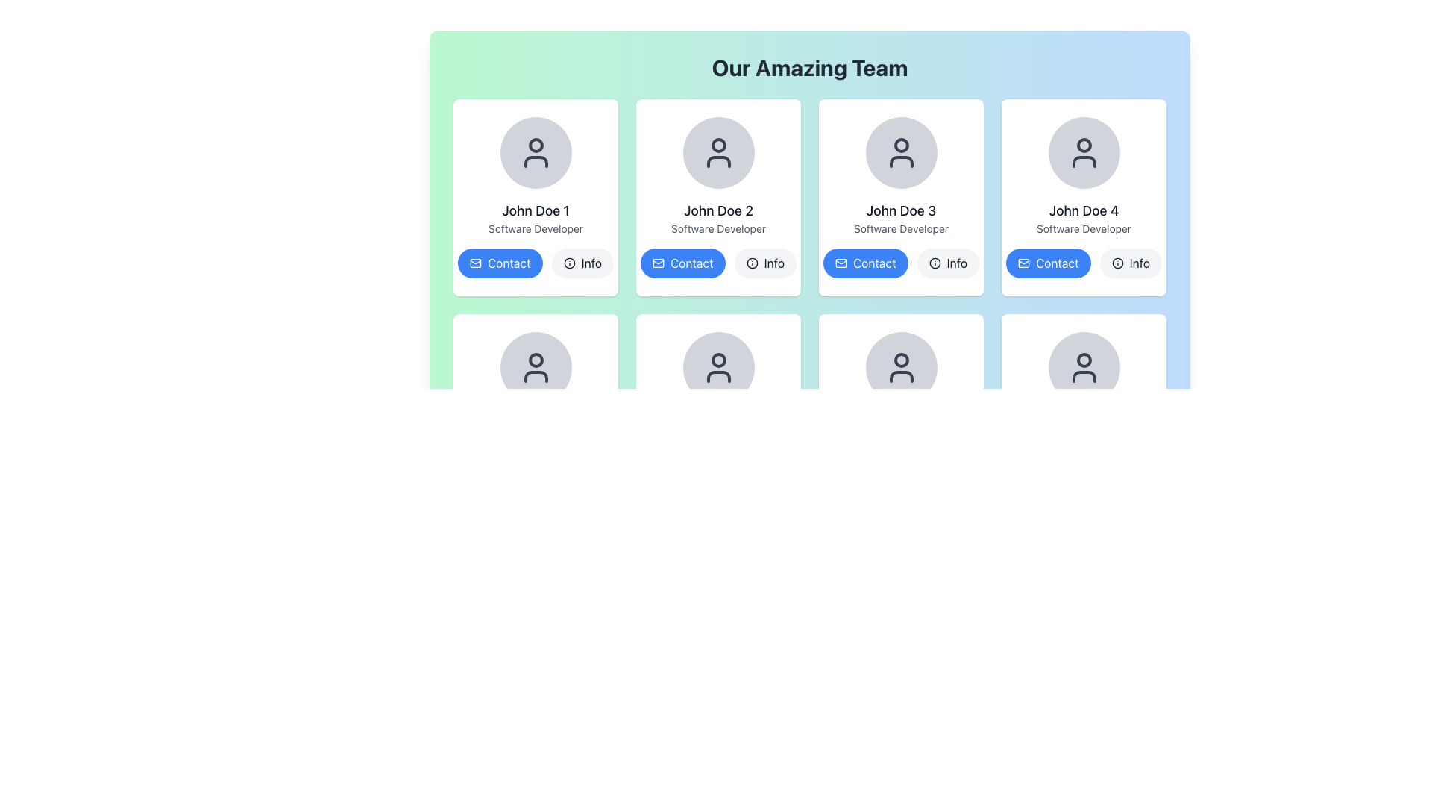 This screenshot has height=806, width=1432. Describe the element at coordinates (718, 368) in the screenshot. I see `the user icon located at the center of the circular area in the second row and second column of the profile grid` at that location.